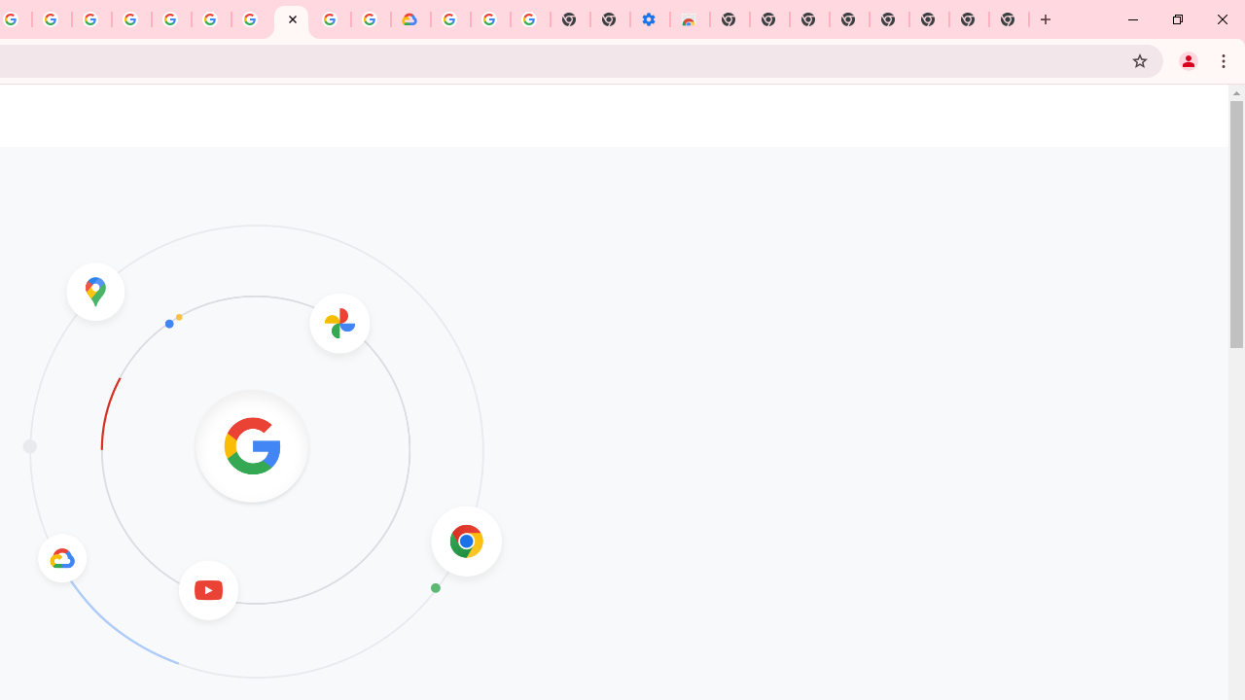 This screenshot has height=700, width=1245. Describe the element at coordinates (1139, 59) in the screenshot. I see `'Bookmark this tab'` at that location.